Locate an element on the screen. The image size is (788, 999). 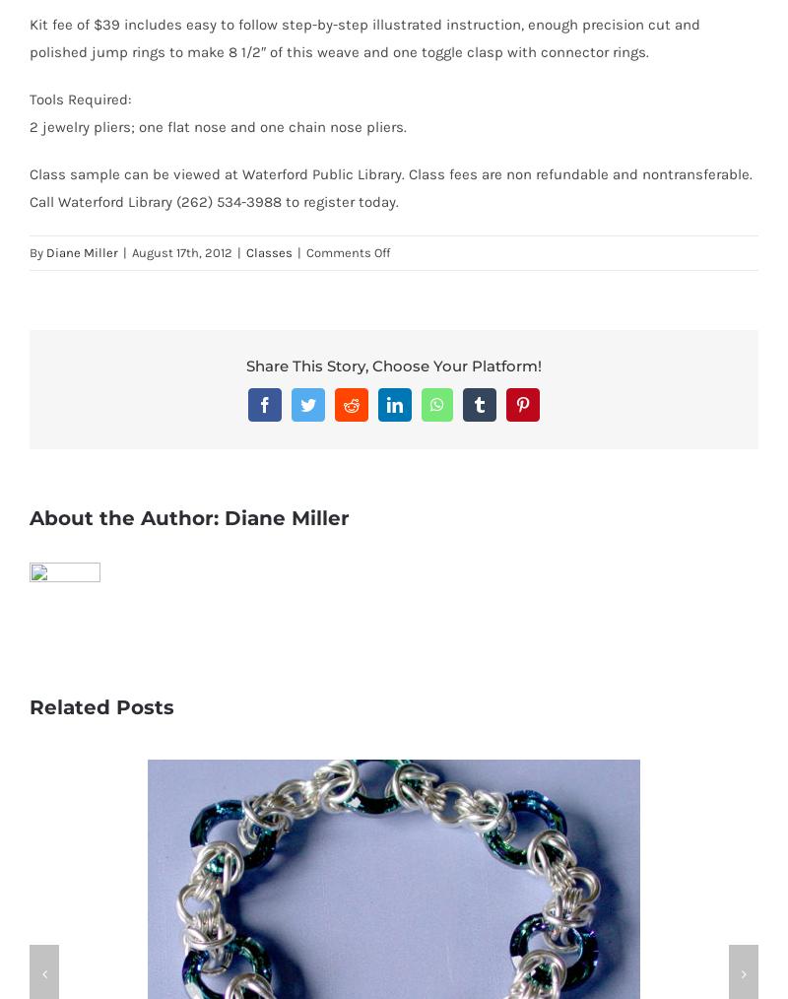
'Classes' is located at coordinates (269, 251).